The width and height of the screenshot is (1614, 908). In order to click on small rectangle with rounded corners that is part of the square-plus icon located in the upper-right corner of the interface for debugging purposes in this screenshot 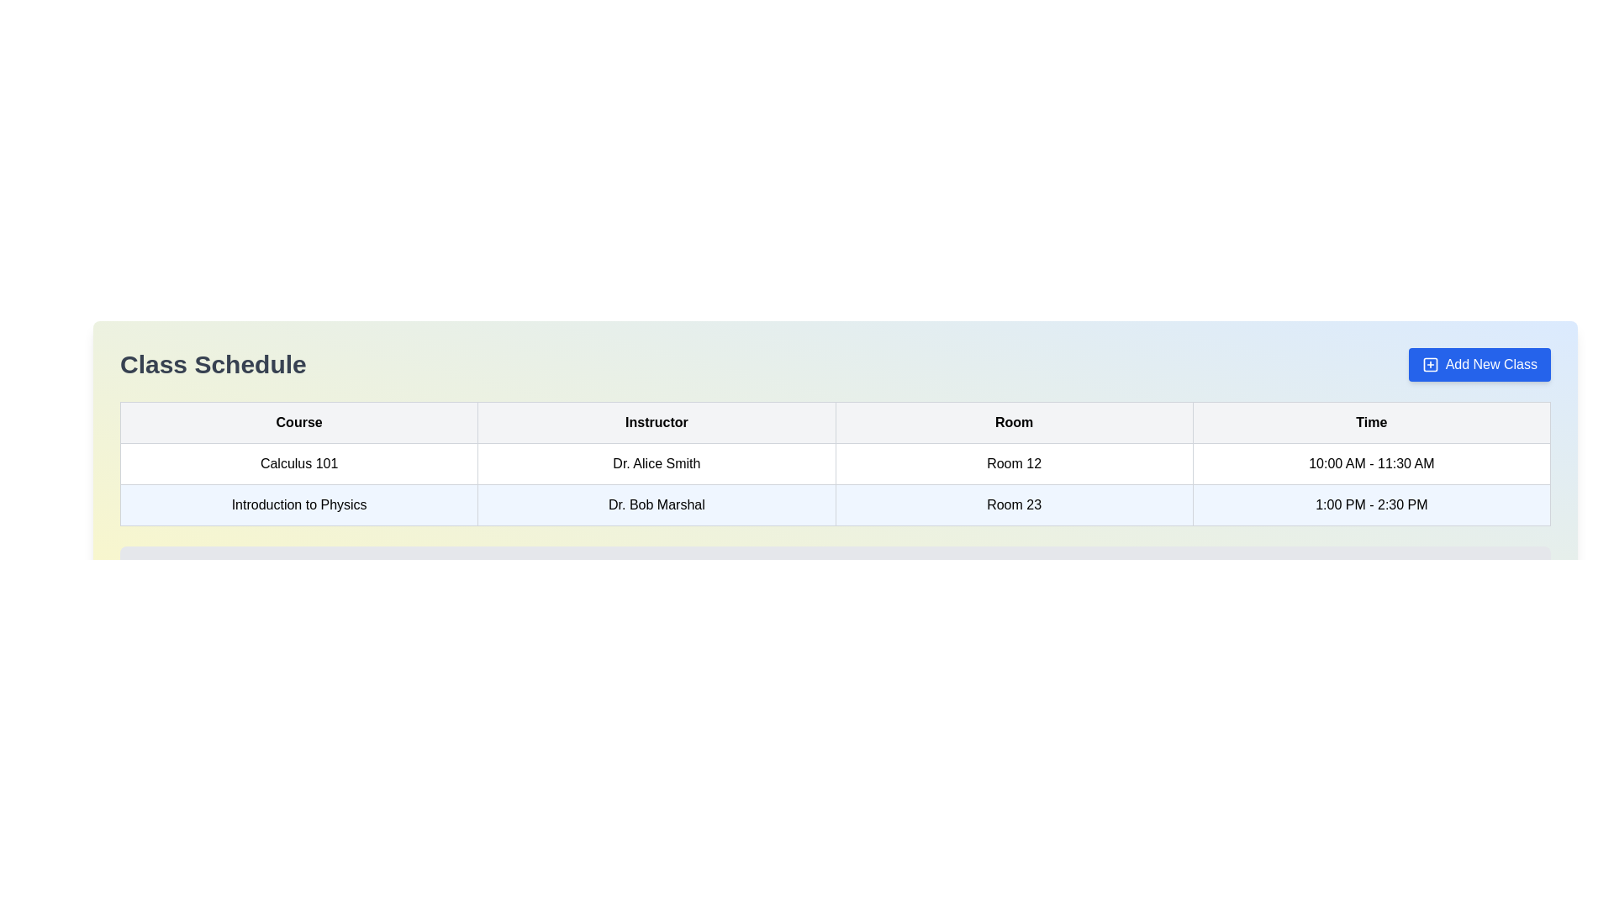, I will do `click(1429, 364)`.